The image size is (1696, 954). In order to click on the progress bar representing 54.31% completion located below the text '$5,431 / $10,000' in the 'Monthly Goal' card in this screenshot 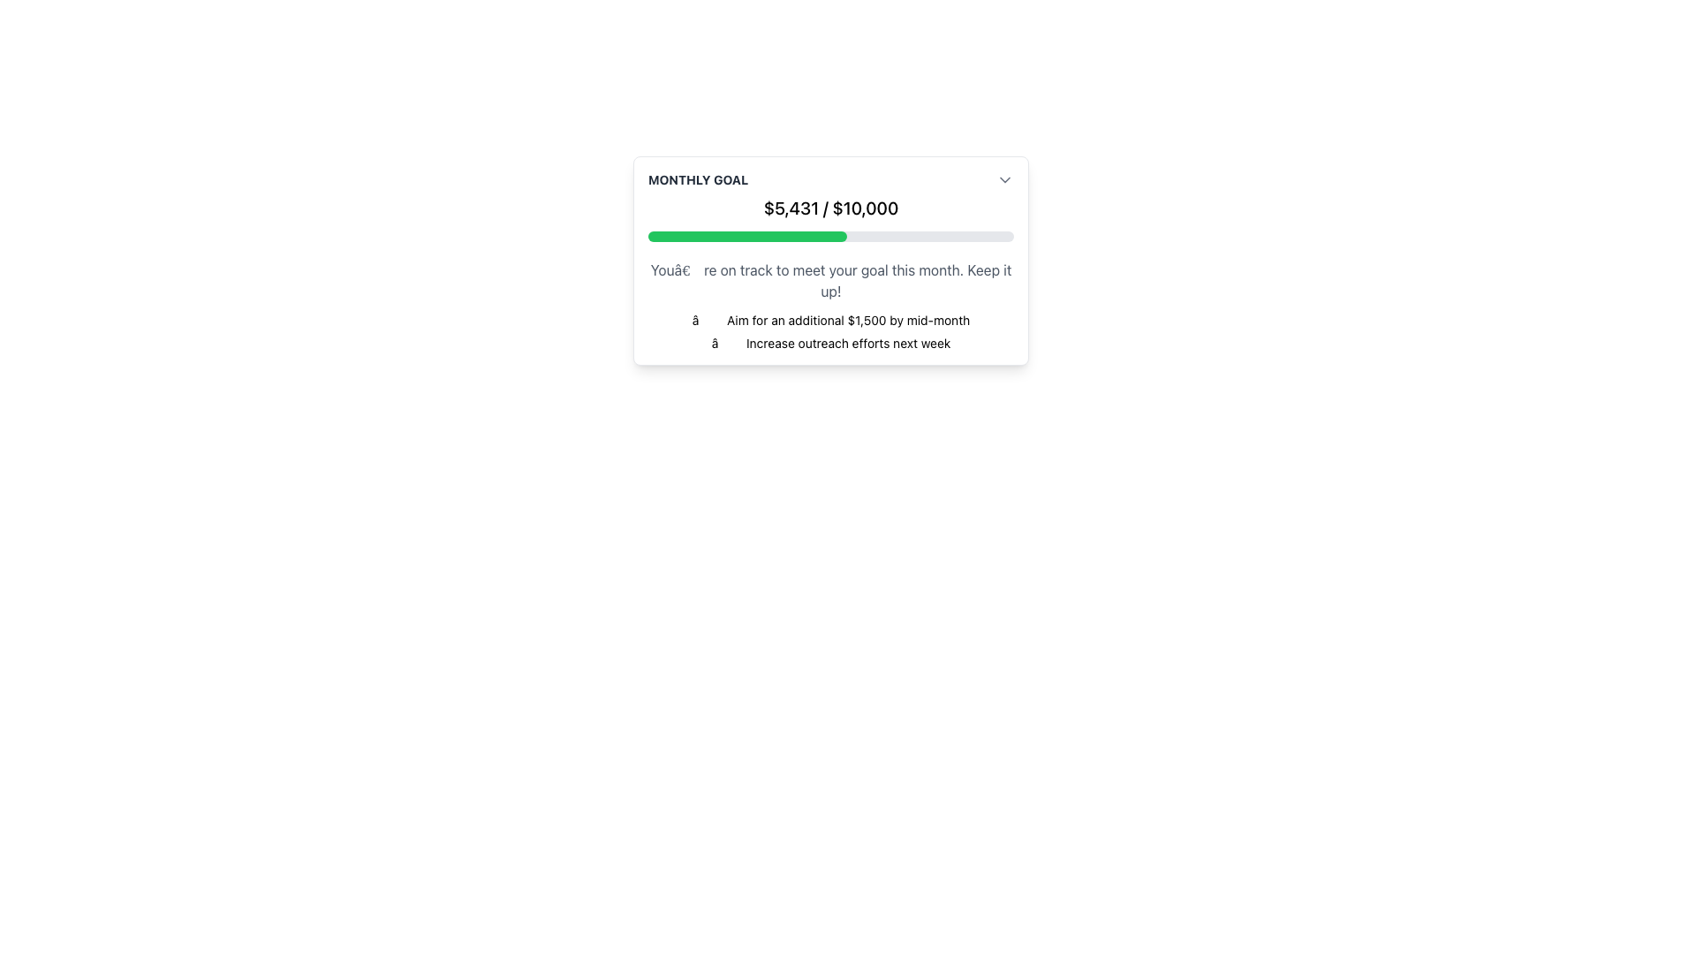, I will do `click(829, 235)`.